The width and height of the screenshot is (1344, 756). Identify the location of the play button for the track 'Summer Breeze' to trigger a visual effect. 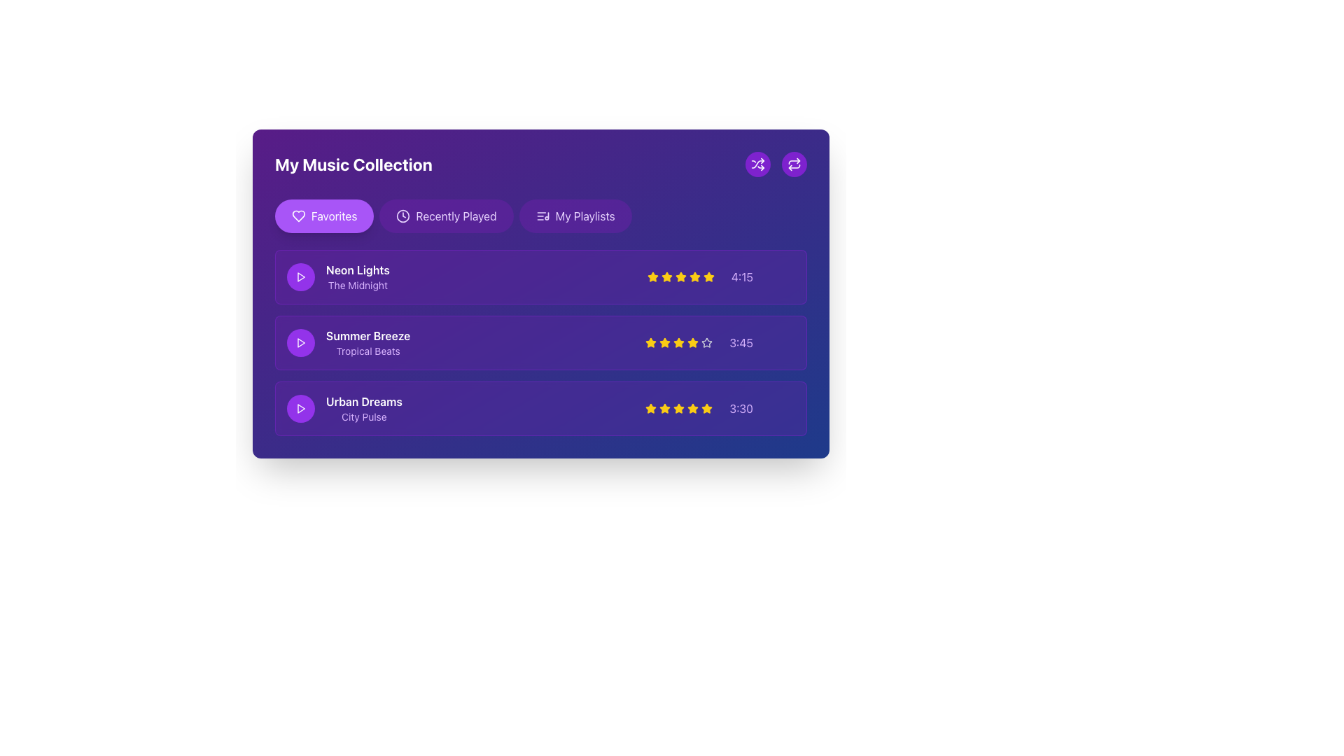
(300, 342).